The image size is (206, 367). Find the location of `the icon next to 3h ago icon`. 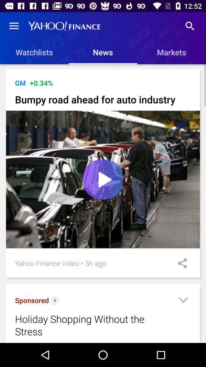

the icon next to 3h ago icon is located at coordinates (82, 263).